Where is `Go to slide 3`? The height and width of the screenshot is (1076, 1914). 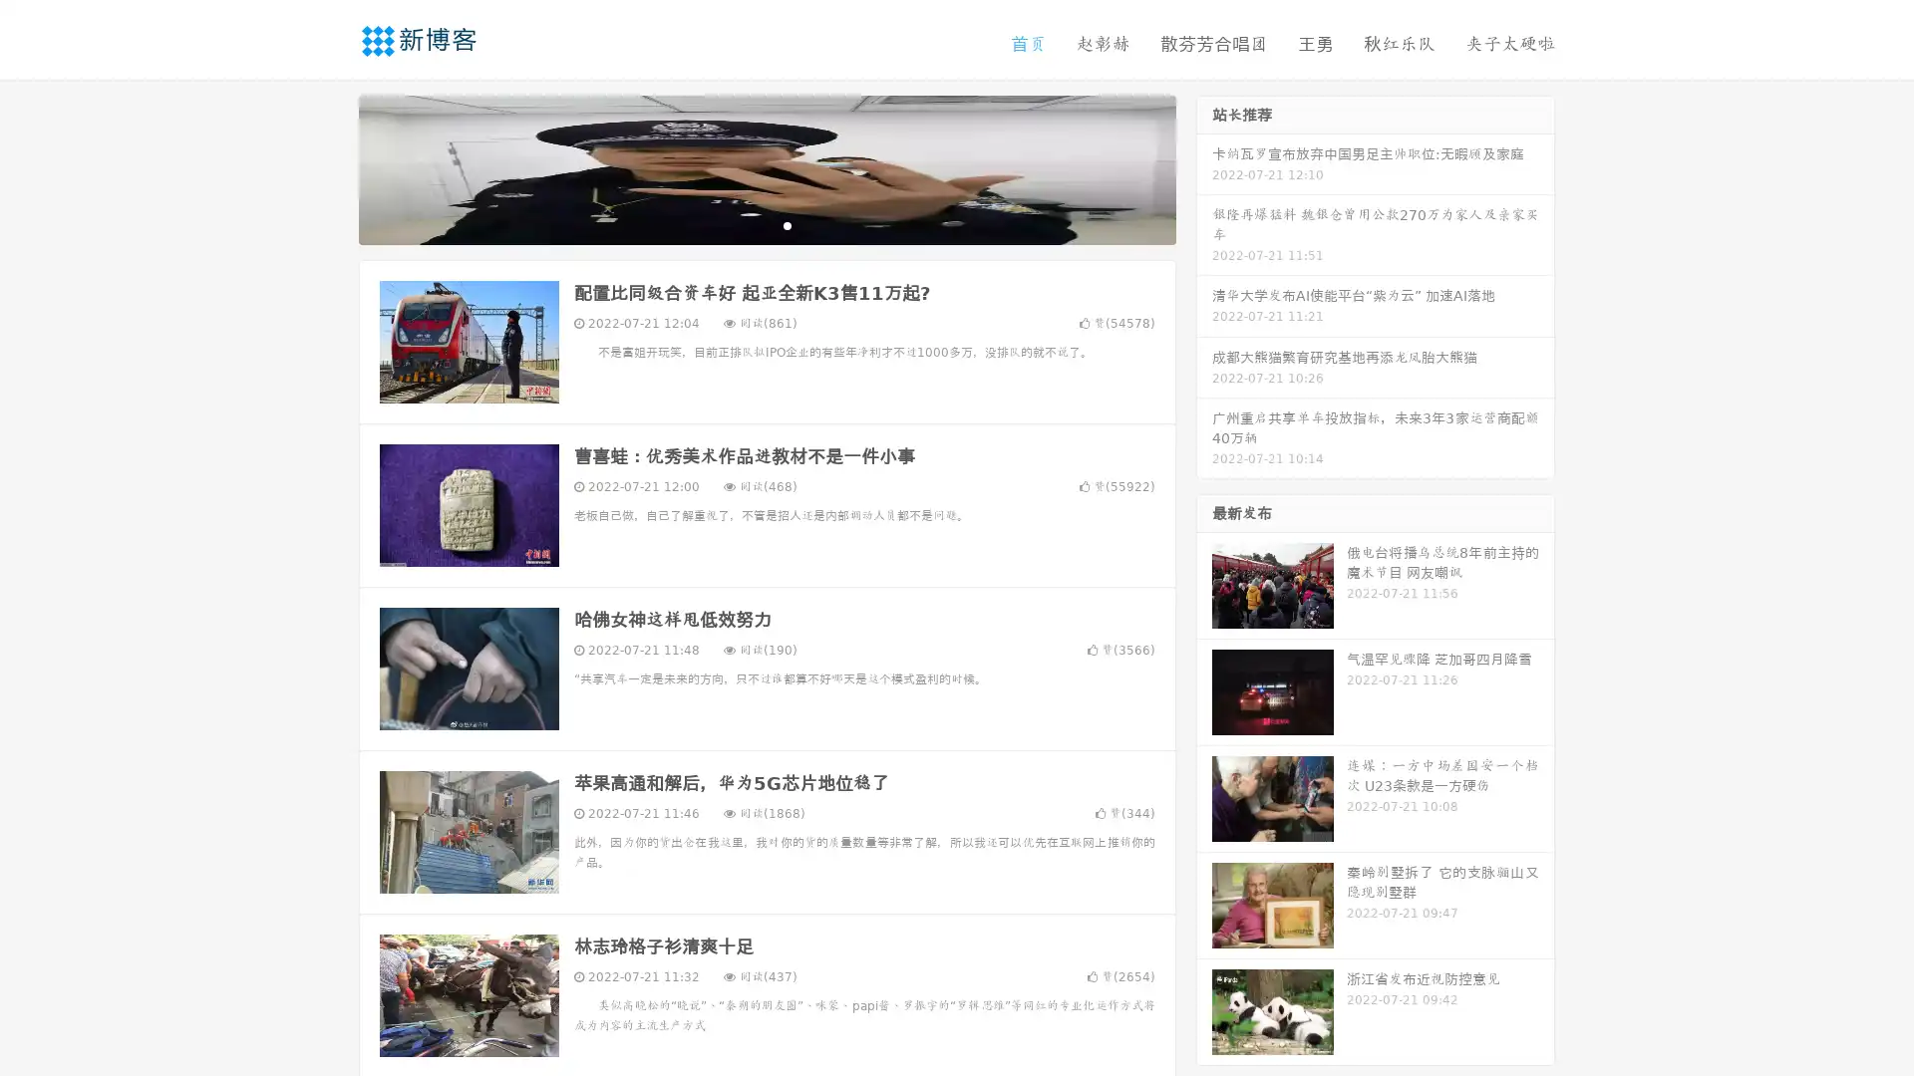 Go to slide 3 is located at coordinates (787, 224).